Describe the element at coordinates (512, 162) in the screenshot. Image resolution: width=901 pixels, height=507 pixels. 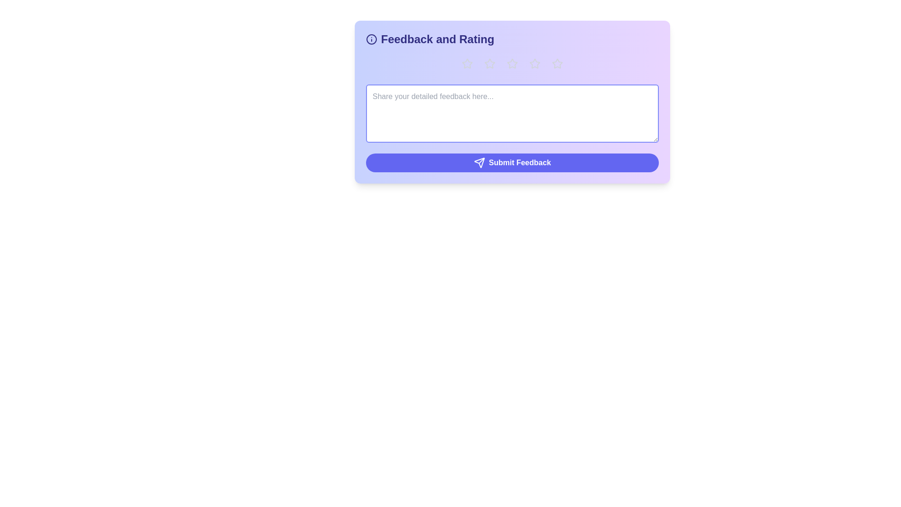
I see `'Submit Feedback' button` at that location.